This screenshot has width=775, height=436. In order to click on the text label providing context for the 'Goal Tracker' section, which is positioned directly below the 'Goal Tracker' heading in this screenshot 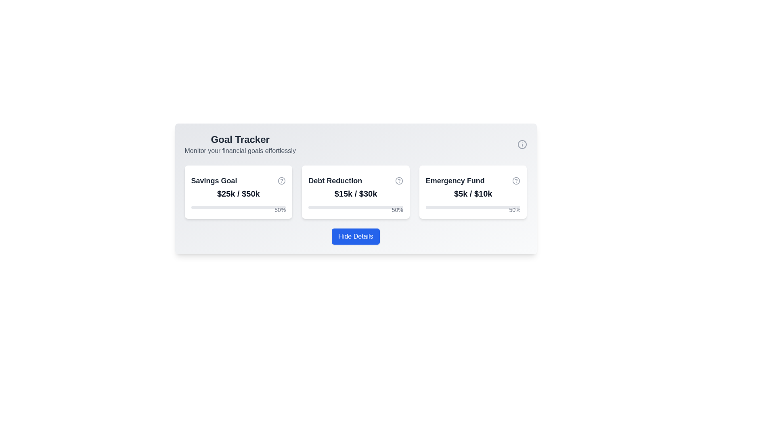, I will do `click(240, 151)`.